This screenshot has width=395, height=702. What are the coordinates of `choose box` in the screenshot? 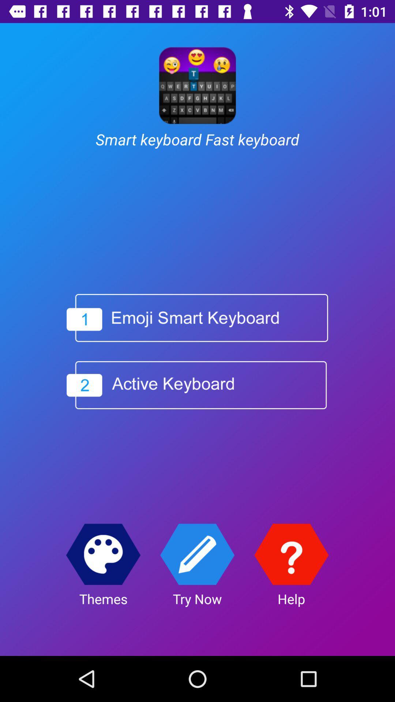 It's located at (196, 385).